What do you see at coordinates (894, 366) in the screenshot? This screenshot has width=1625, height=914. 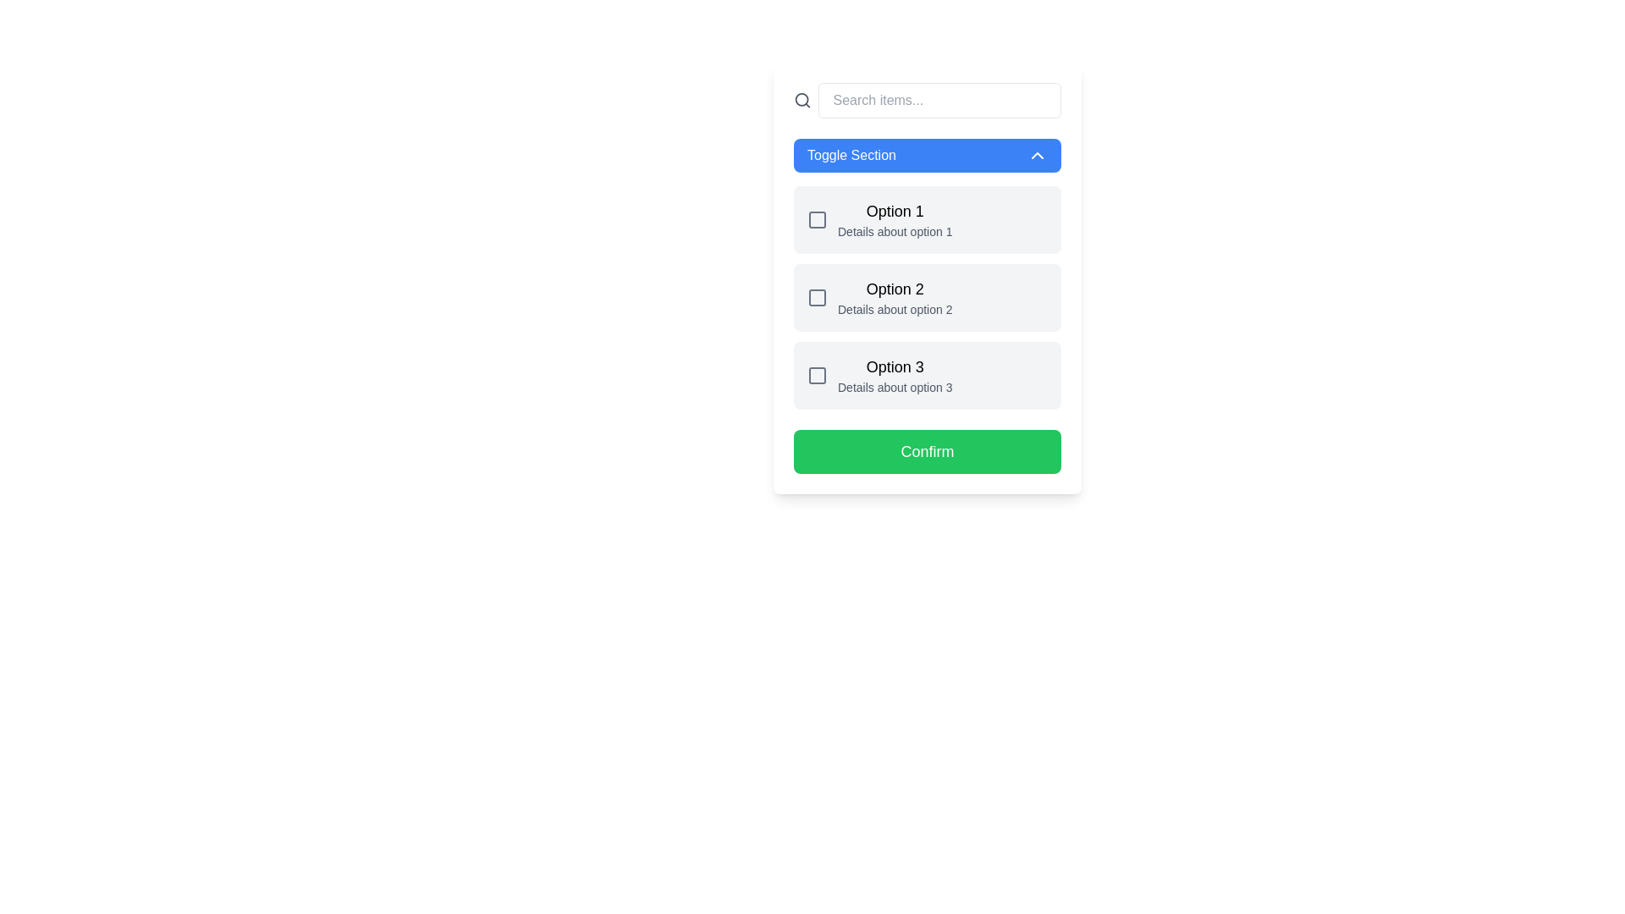 I see `the static text label that serves as the identifier for the third option in a vertically organized selectable list` at bounding box center [894, 366].